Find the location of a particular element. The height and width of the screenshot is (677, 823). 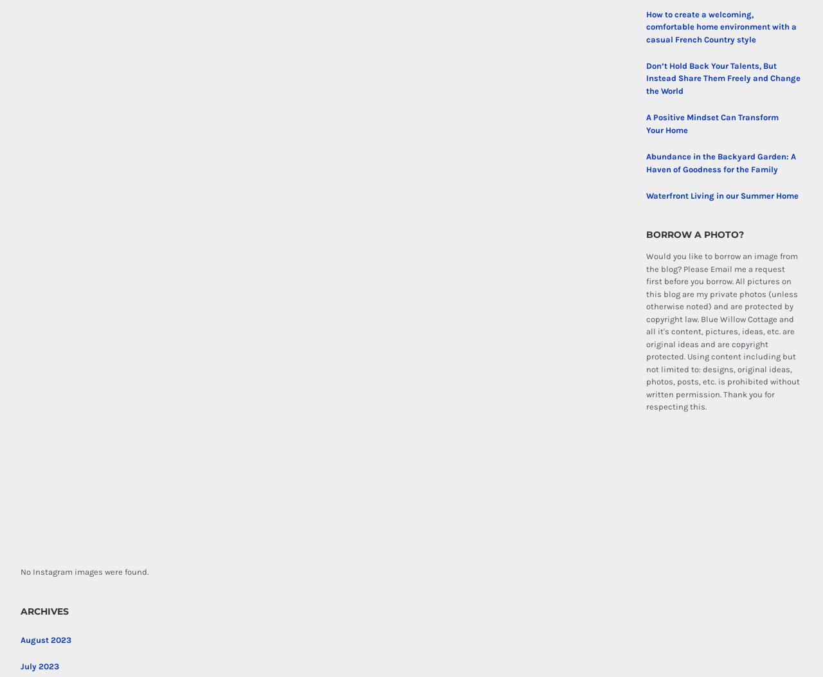

'Would you like to borrow an image from the blog? Please Email me a request first before you borrow. All pictures on this blog are my private photos (unless otherwise noted) and are protected by copyright law.   Blue Willow Cottage and all it's content, pictures, ideas, etc. are original ideas and are copyright protected.  Using content including but not limited to: designs, original ideas, photos, posts, etc. is prohibited without written permission.

Thank you for respecting this.' is located at coordinates (722, 331).